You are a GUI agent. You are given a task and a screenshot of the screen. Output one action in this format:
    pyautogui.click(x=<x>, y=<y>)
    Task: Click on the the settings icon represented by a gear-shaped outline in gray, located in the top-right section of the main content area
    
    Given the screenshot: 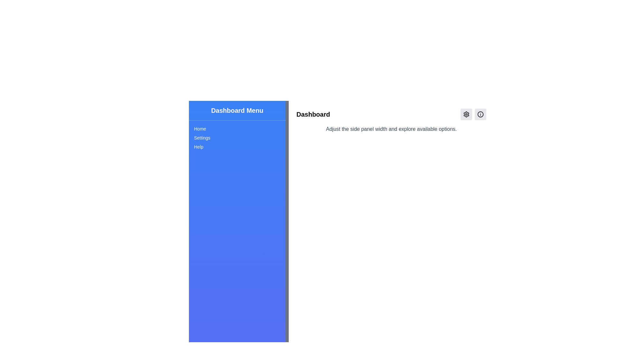 What is the action you would take?
    pyautogui.click(x=466, y=114)
    